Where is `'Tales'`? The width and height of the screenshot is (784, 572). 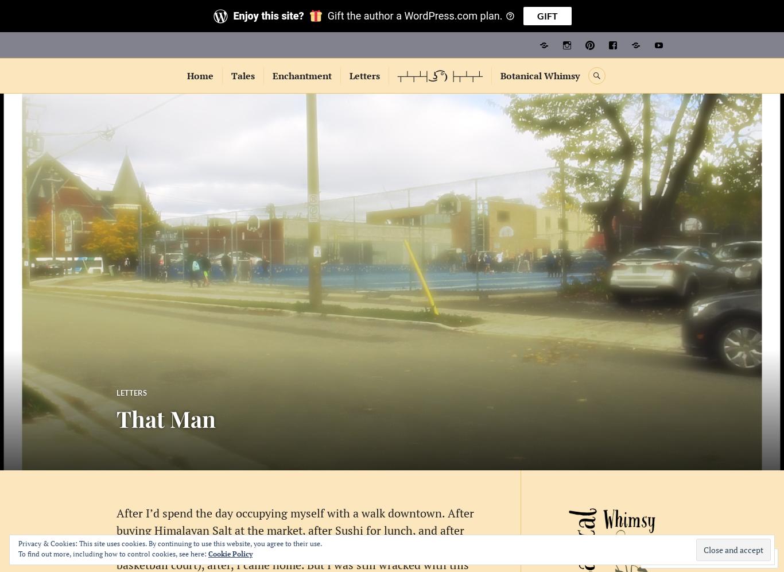 'Tales' is located at coordinates (230, 75).